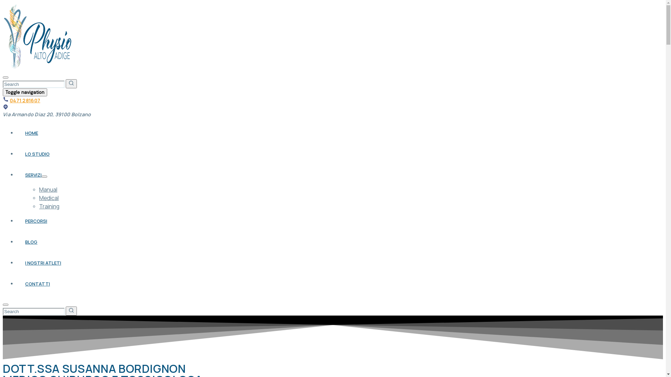 The image size is (671, 377). I want to click on 'Show sub menu', so click(44, 176).